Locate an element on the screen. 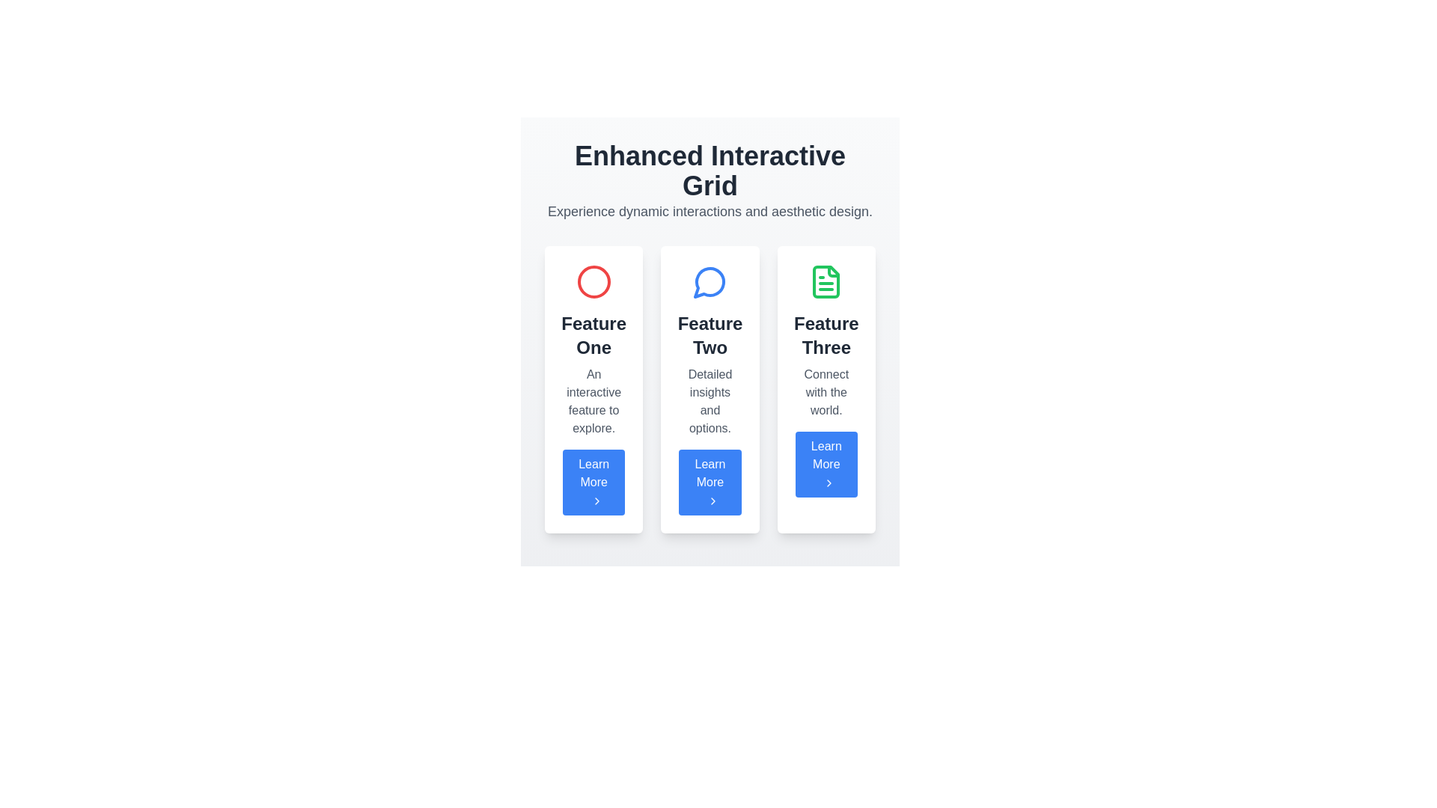 The image size is (1437, 808). the blue 'Learn More' button with rounded corners that shows a hover effect when interacted with, located under 'Feature Two' is located at coordinates (710, 482).